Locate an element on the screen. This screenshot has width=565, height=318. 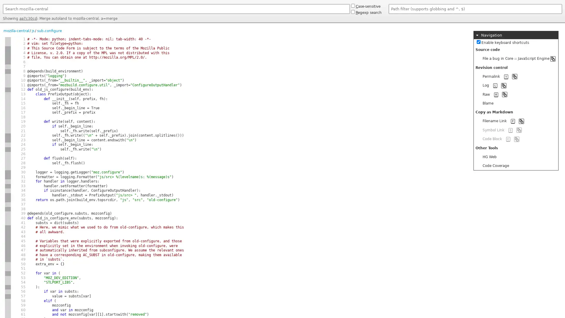
Filename Link F is located at coordinates (516, 121).